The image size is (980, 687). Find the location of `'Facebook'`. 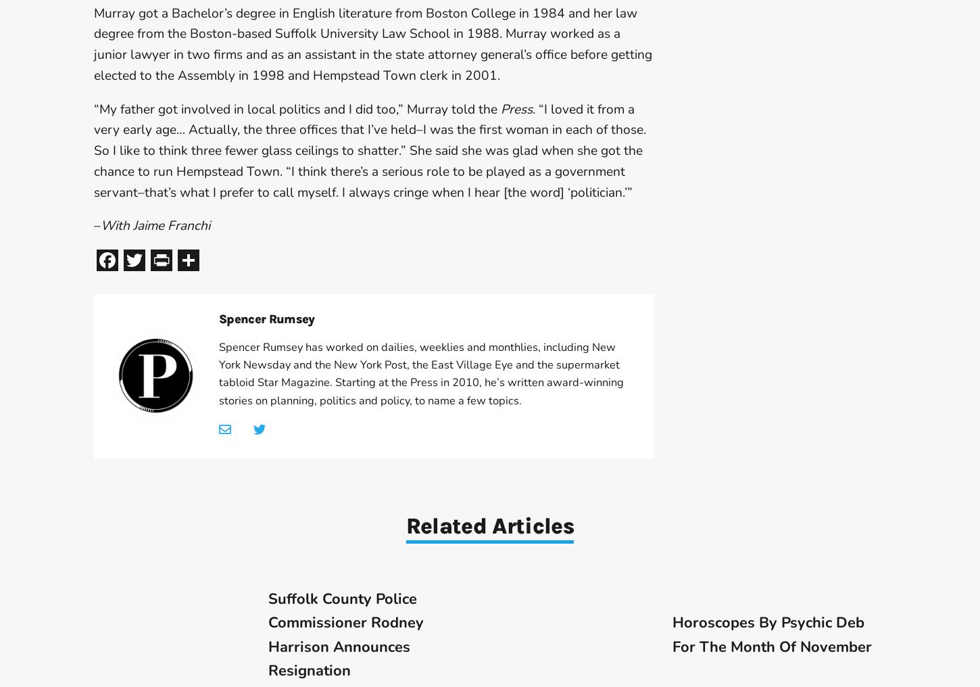

'Facebook' is located at coordinates (118, 259).